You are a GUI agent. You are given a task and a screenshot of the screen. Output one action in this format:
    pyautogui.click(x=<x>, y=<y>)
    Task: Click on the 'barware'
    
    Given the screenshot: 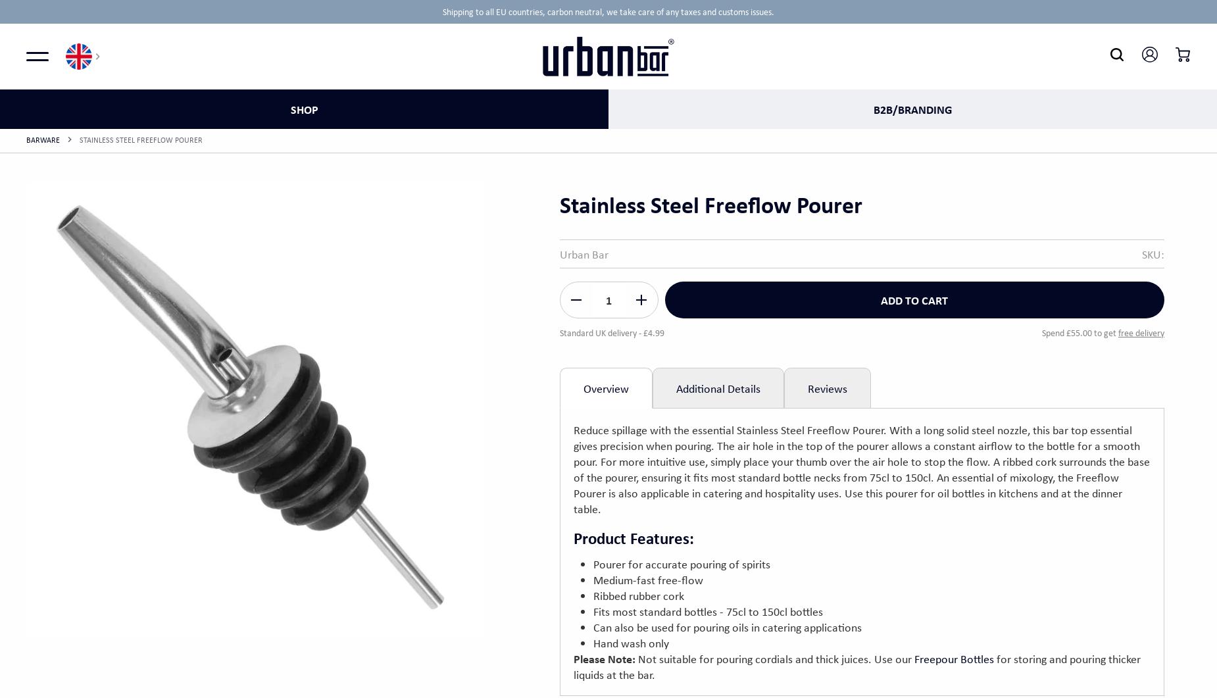 What is the action you would take?
    pyautogui.click(x=42, y=139)
    